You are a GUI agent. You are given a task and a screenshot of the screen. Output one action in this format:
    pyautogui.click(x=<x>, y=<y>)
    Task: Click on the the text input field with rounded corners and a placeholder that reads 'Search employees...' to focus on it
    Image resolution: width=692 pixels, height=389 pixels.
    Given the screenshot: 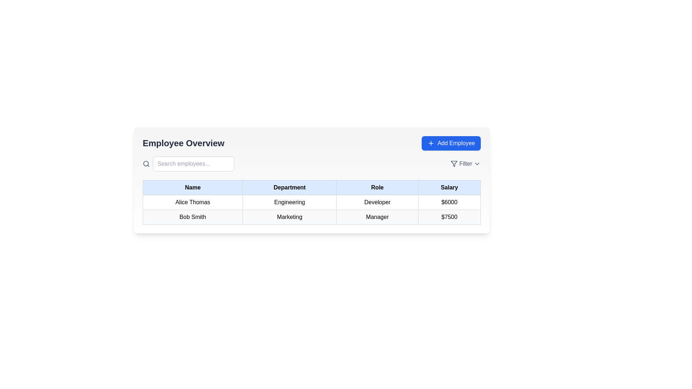 What is the action you would take?
    pyautogui.click(x=194, y=164)
    